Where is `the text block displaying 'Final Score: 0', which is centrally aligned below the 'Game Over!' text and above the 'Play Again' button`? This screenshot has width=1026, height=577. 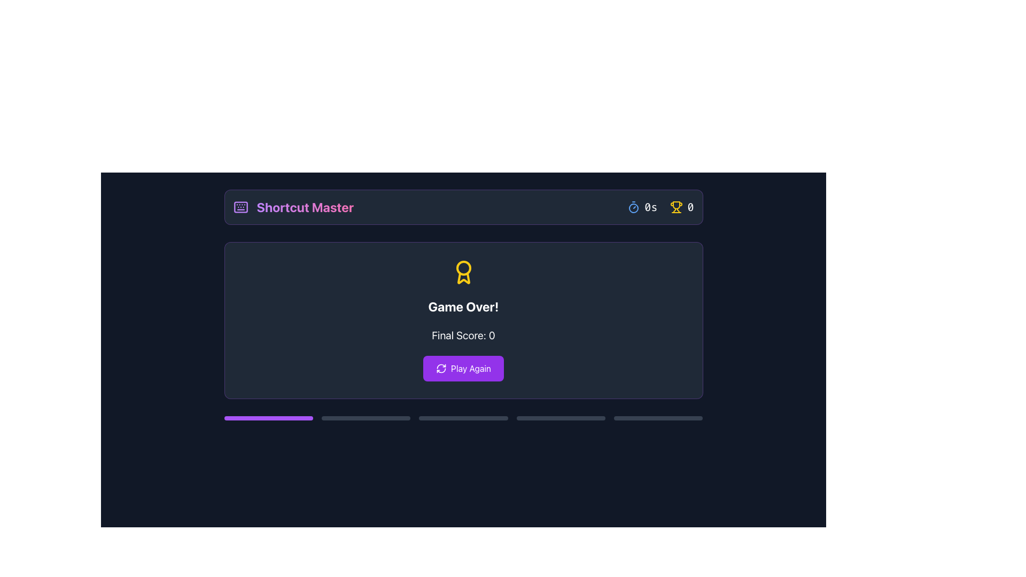
the text block displaying 'Final Score: 0', which is centrally aligned below the 'Game Over!' text and above the 'Play Again' button is located at coordinates (463, 335).